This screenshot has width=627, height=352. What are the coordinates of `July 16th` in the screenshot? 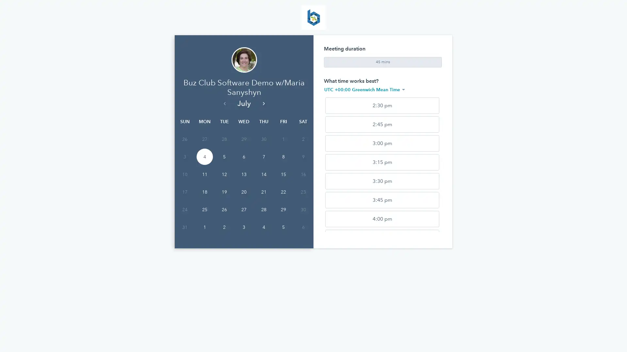 It's located at (302, 174).